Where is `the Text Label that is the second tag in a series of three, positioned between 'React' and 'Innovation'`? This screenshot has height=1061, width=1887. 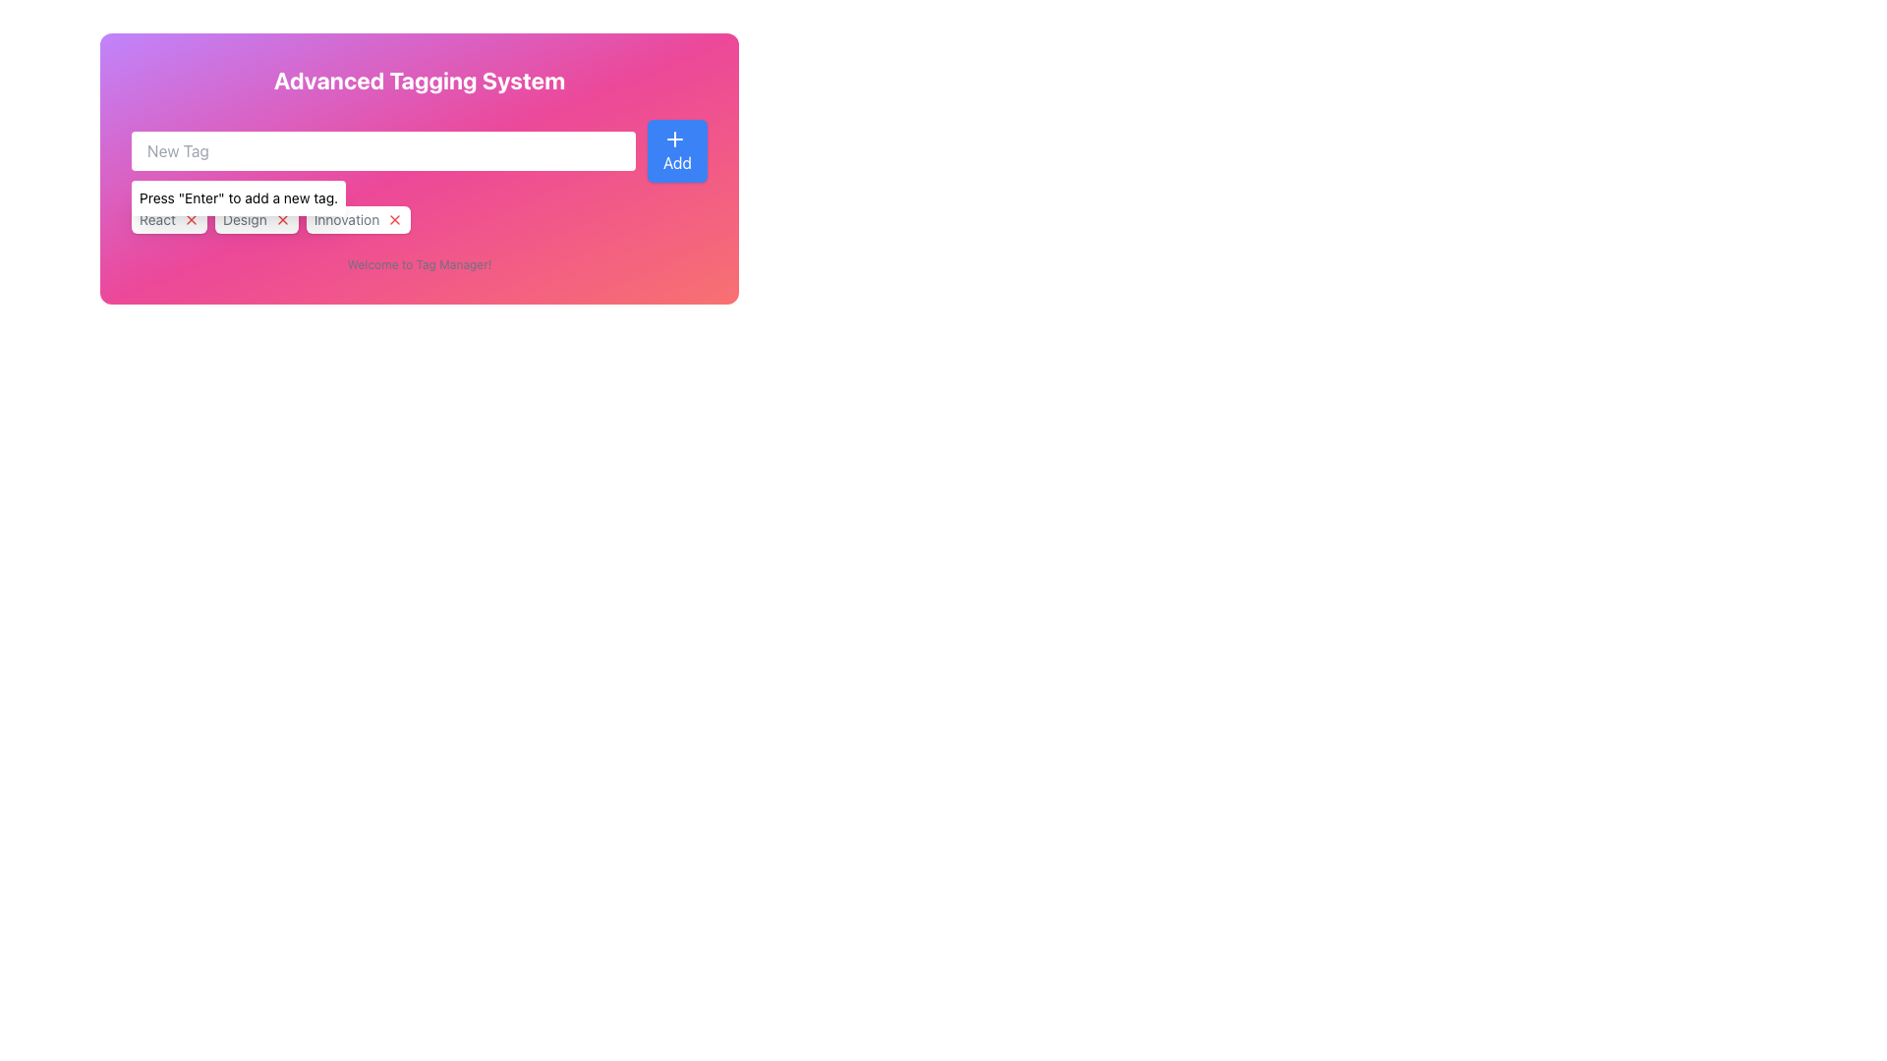 the Text Label that is the second tag in a series of three, positioned between 'React' and 'Innovation' is located at coordinates (244, 219).